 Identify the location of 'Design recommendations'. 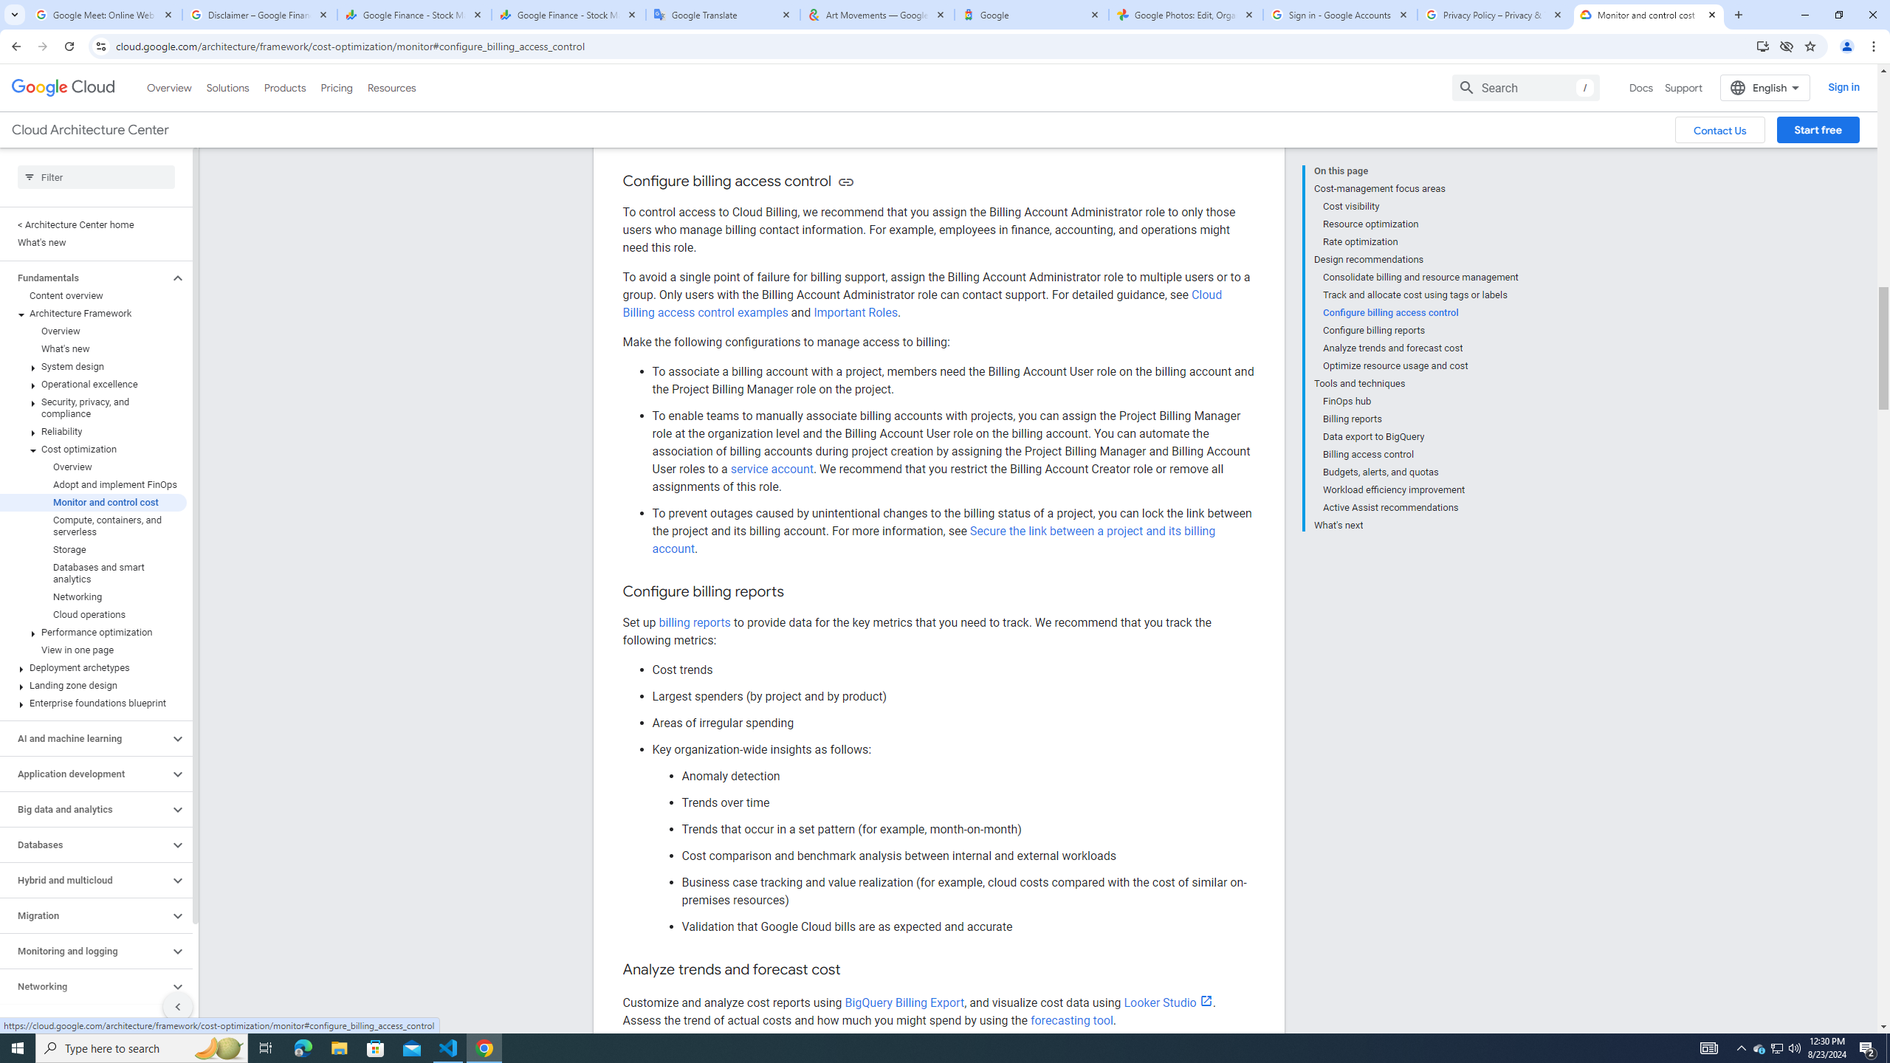
(1415, 260).